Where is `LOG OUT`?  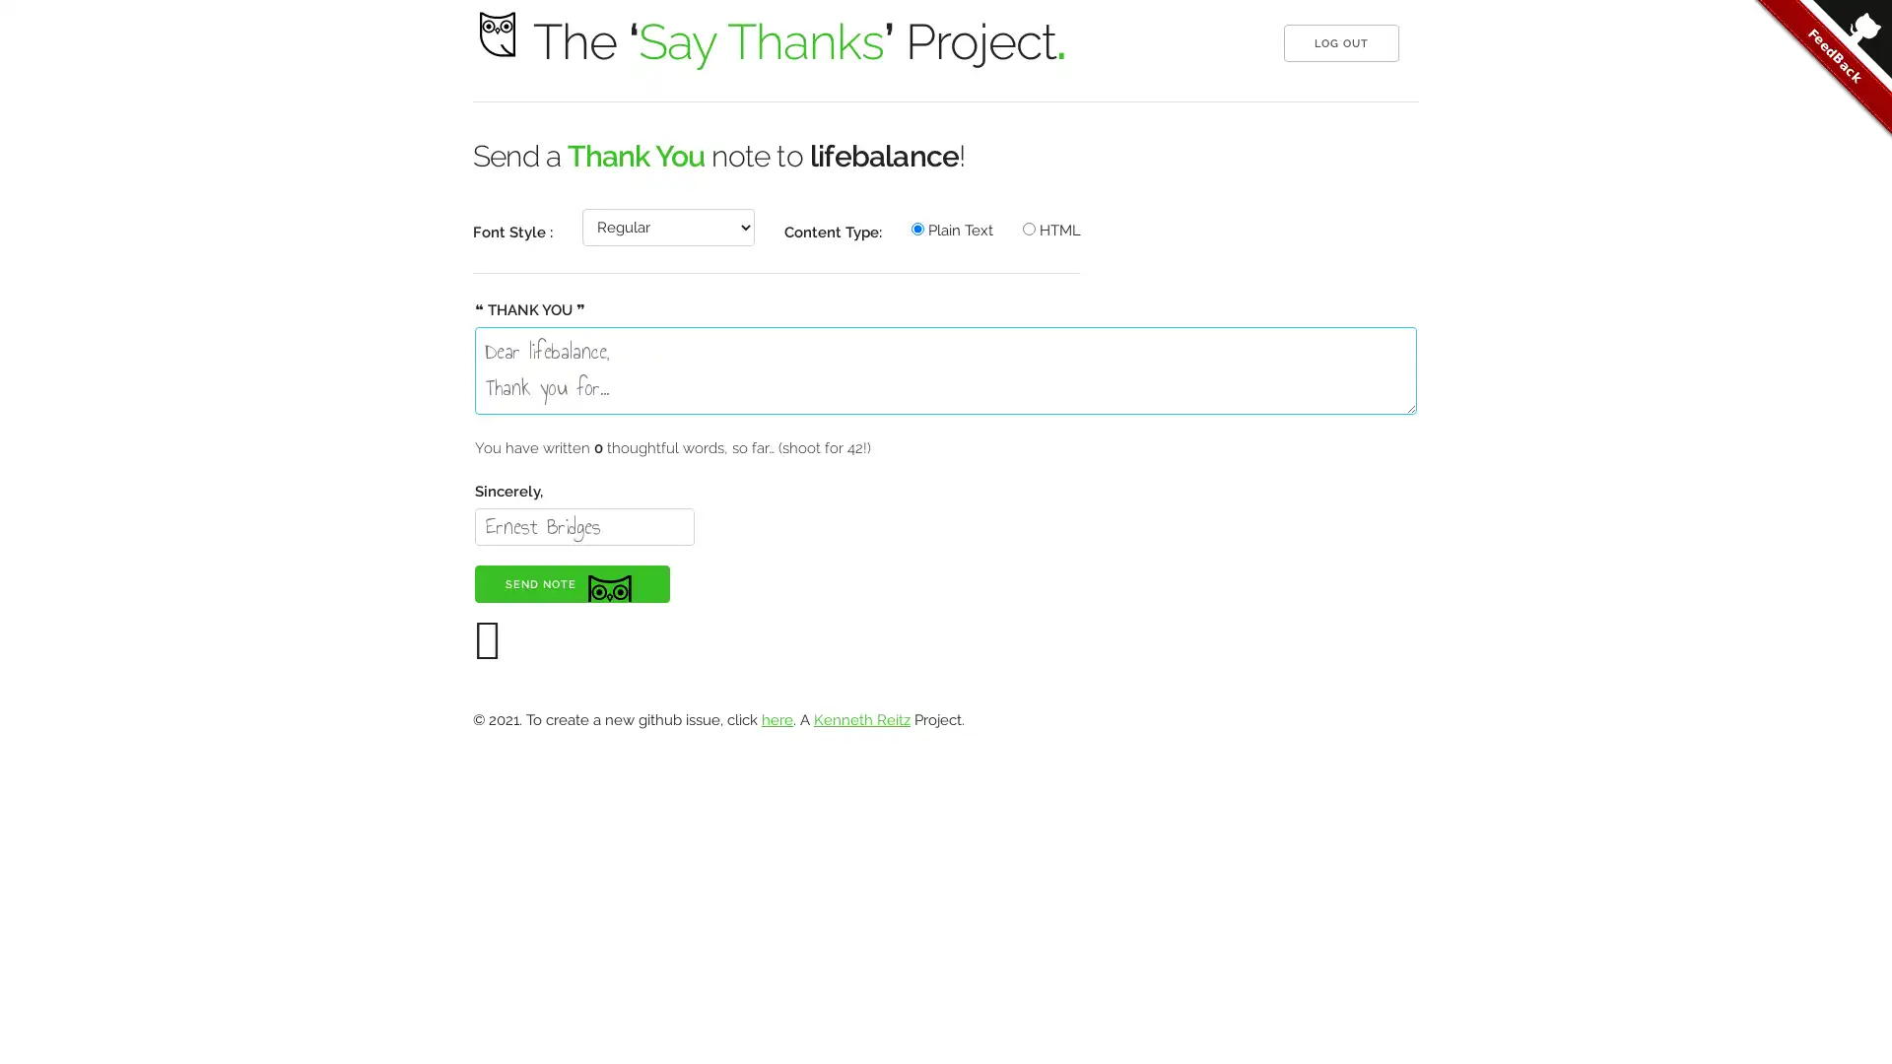
LOG OUT is located at coordinates (1340, 42).